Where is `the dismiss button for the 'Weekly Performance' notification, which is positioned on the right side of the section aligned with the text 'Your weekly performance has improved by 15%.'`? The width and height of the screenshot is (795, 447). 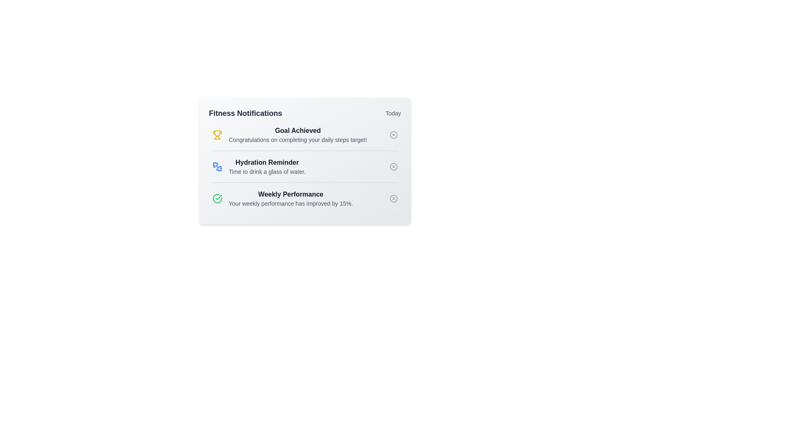
the dismiss button for the 'Weekly Performance' notification, which is positioned on the right side of the section aligned with the text 'Your weekly performance has improved by 15%.' is located at coordinates (393, 198).